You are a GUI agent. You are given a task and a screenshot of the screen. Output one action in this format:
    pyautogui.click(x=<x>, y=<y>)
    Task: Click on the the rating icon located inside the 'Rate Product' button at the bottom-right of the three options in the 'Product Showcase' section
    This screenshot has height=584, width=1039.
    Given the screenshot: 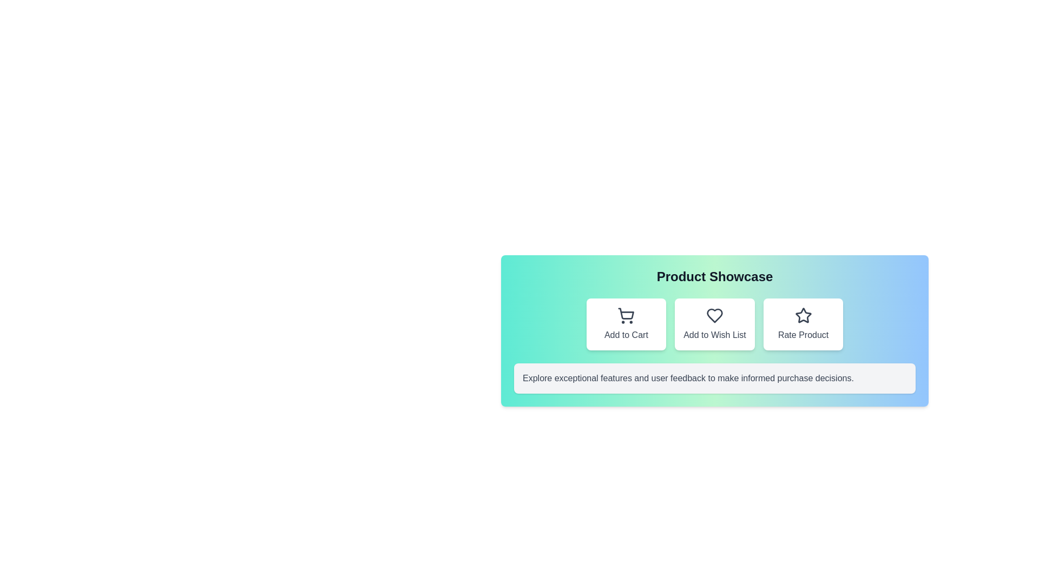 What is the action you would take?
    pyautogui.click(x=803, y=315)
    